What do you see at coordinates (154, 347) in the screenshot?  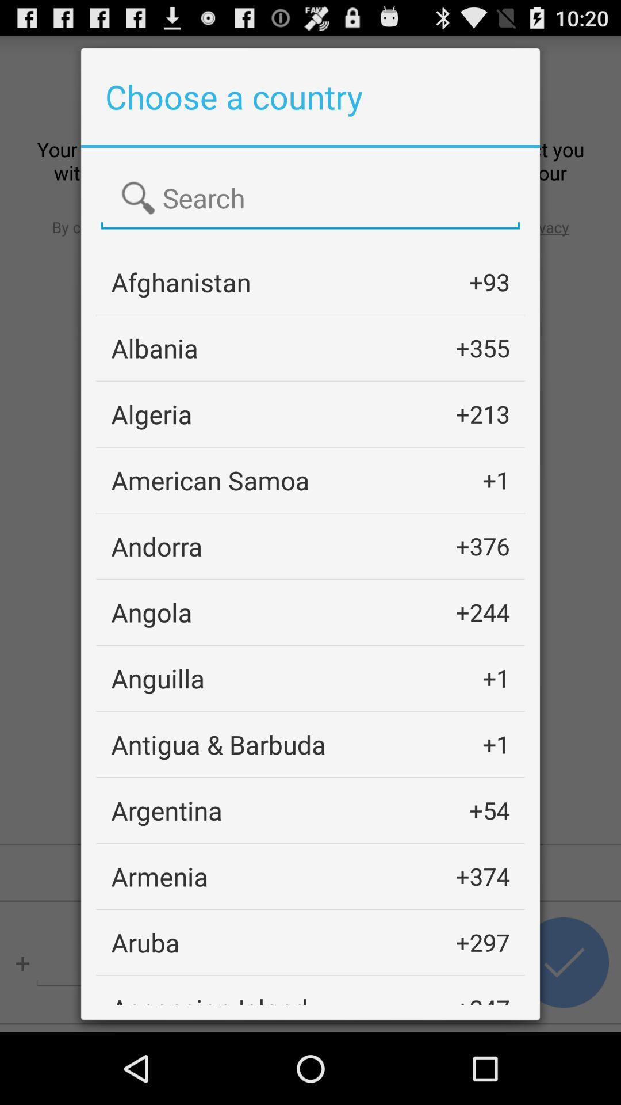 I see `the icon below afghanistan app` at bounding box center [154, 347].